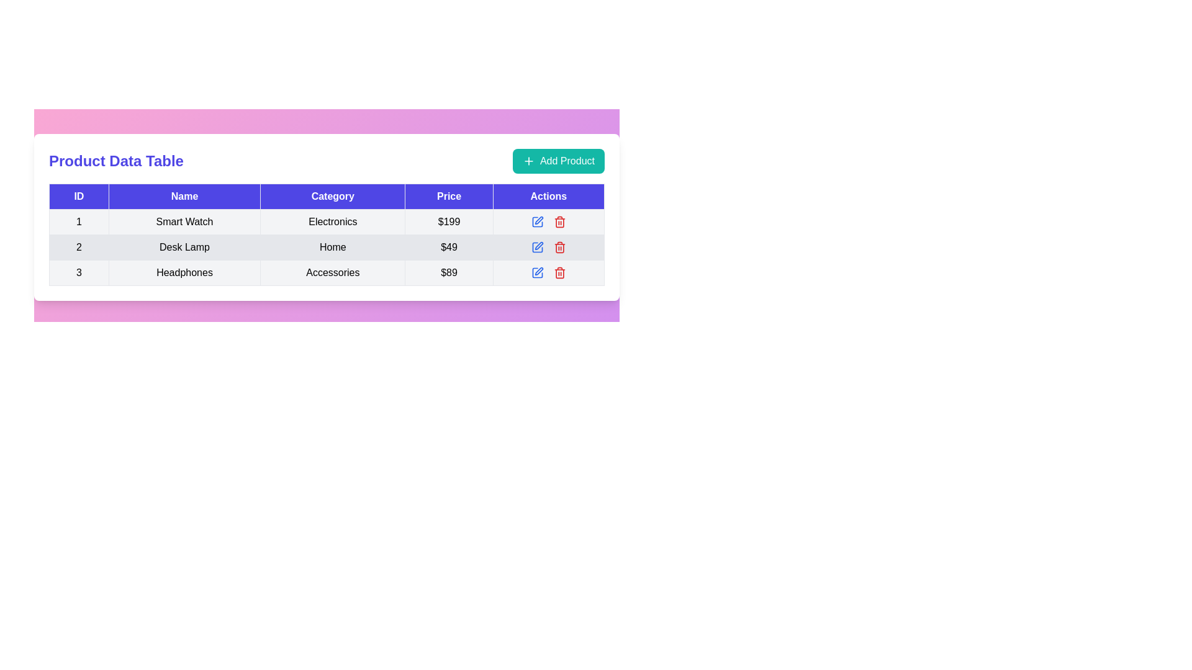 The image size is (1192, 670). I want to click on on the static text element displaying the category for the 'Headphones' product located in the 'Category' column of the table, so click(333, 272).